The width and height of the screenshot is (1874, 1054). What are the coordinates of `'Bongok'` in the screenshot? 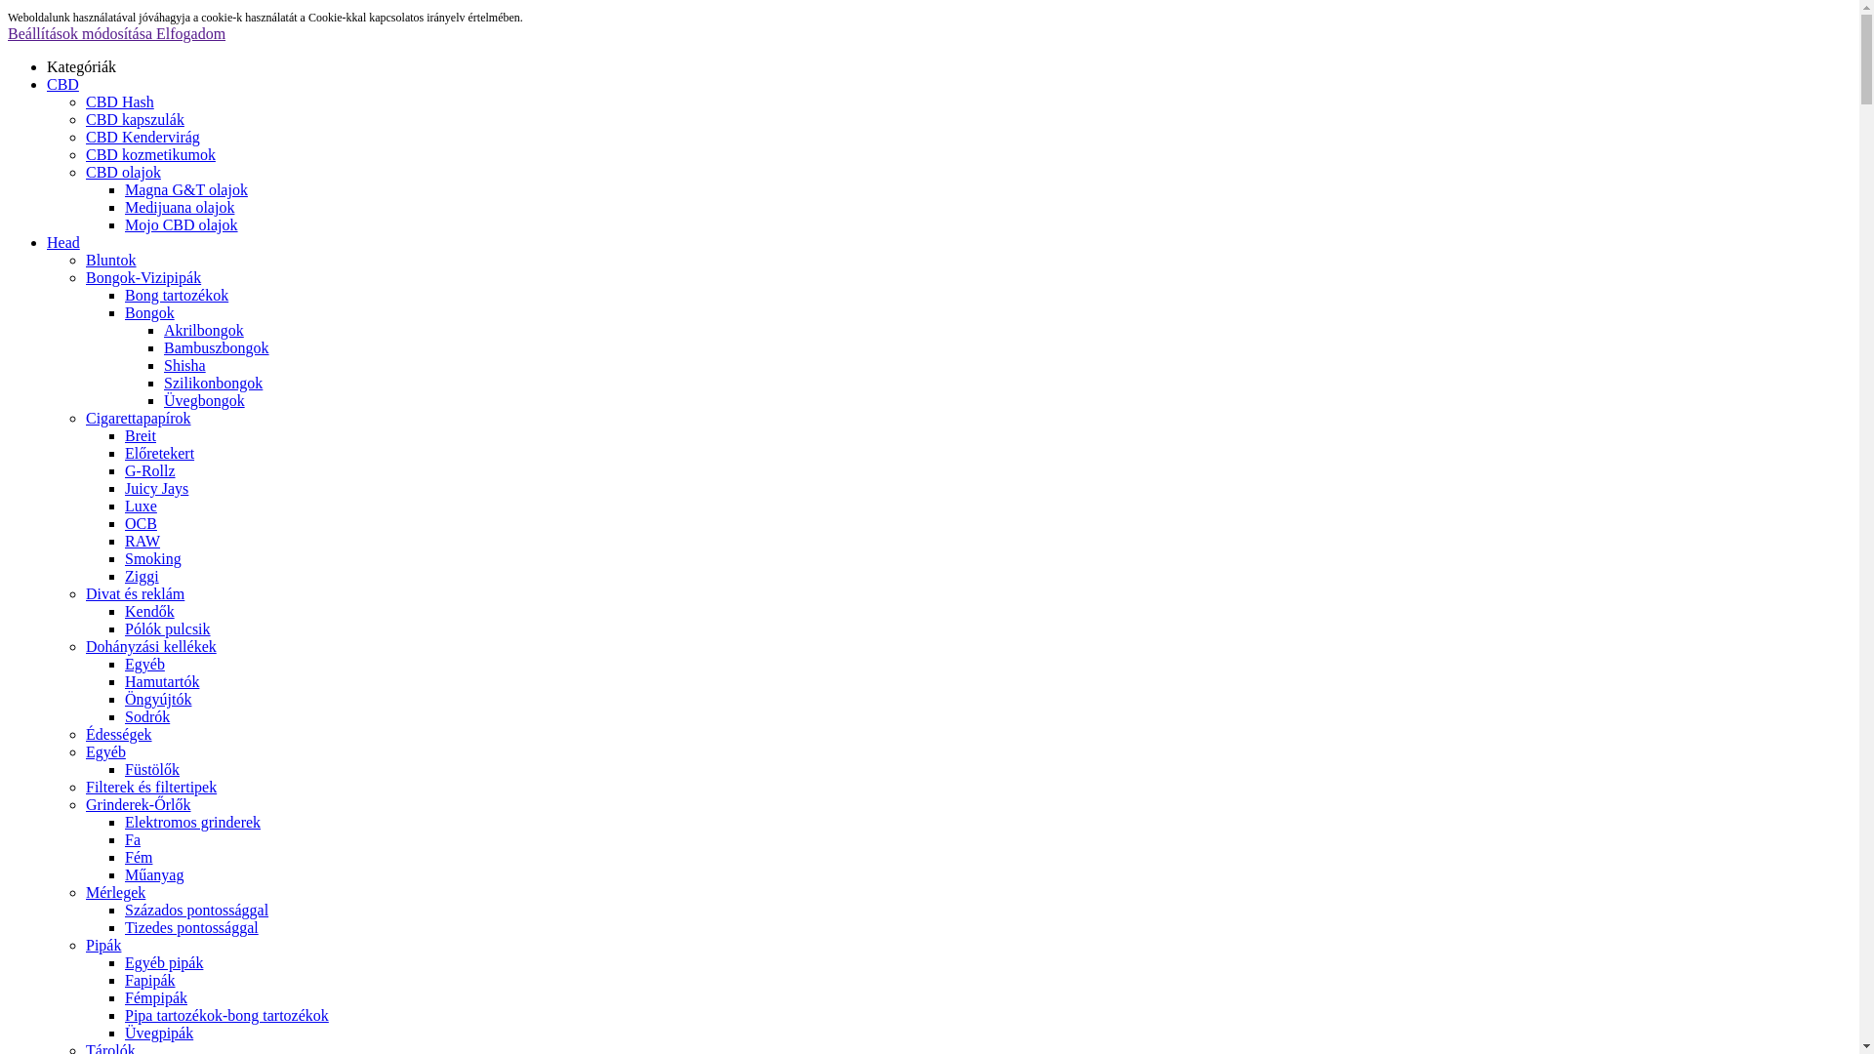 It's located at (124, 311).